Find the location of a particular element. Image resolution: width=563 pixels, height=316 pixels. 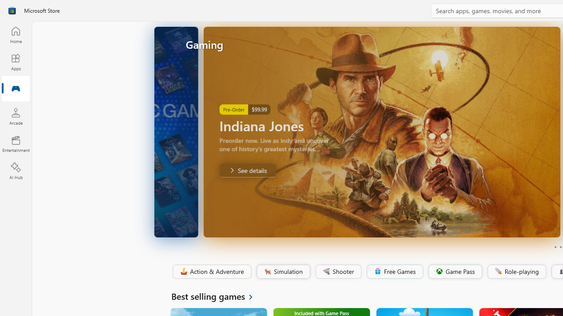

'Game Pass' is located at coordinates (454, 271).